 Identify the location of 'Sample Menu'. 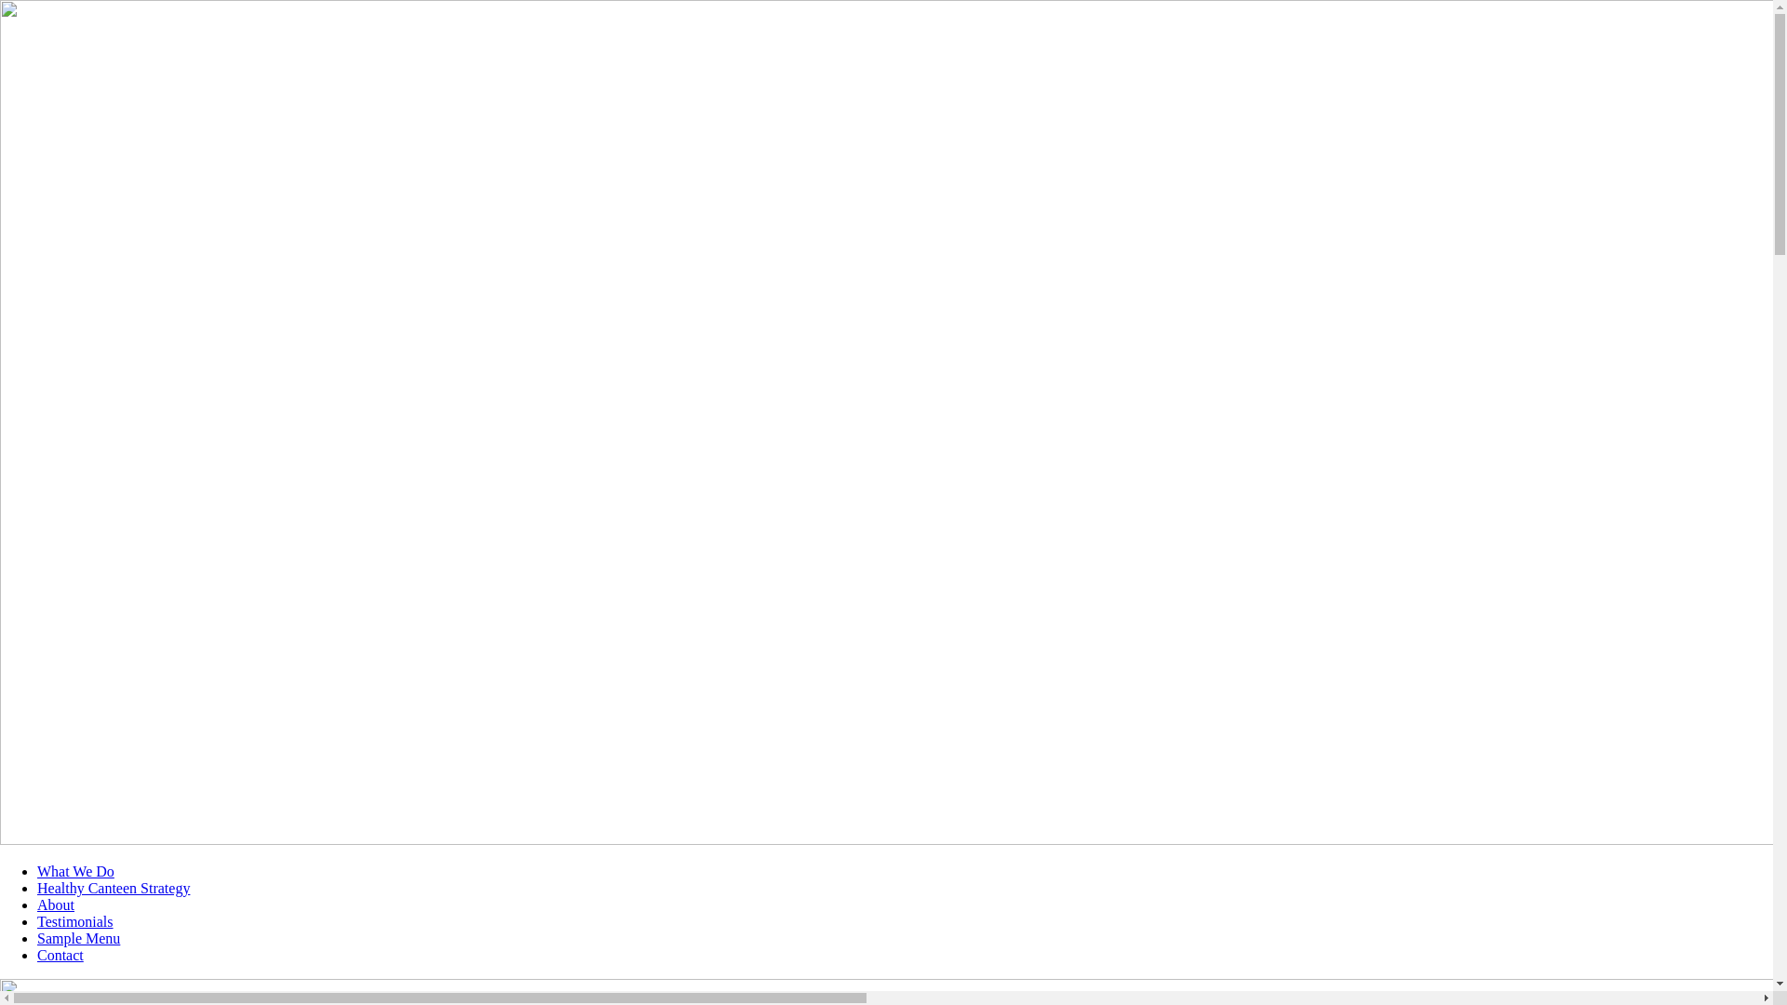
(77, 938).